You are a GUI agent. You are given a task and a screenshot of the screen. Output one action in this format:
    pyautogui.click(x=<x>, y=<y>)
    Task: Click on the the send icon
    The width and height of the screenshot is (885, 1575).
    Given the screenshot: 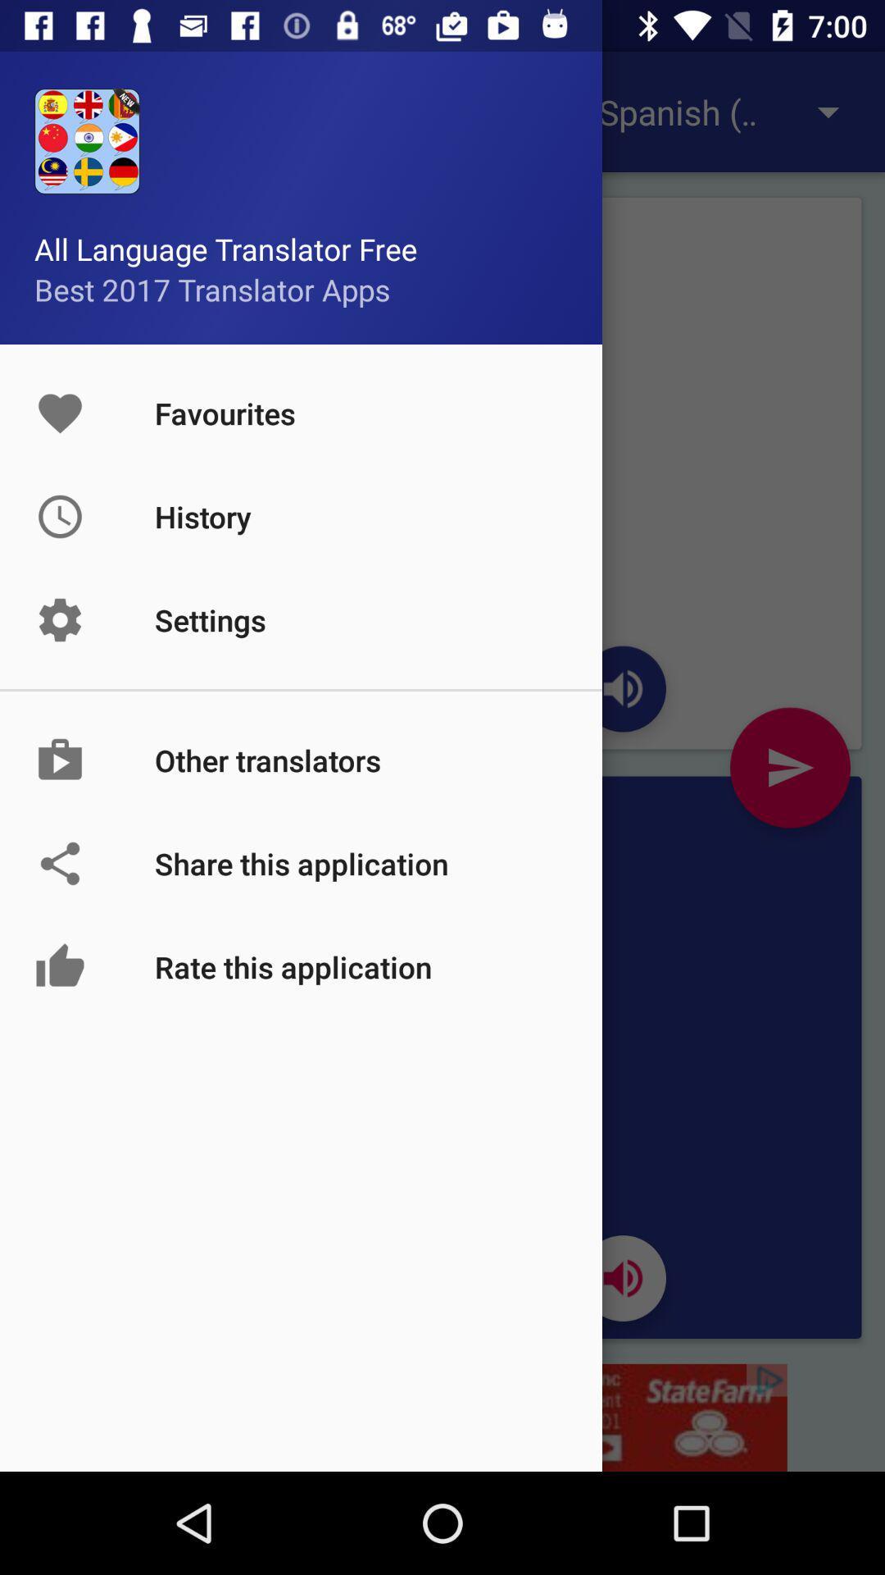 What is the action you would take?
    pyautogui.click(x=789, y=767)
    